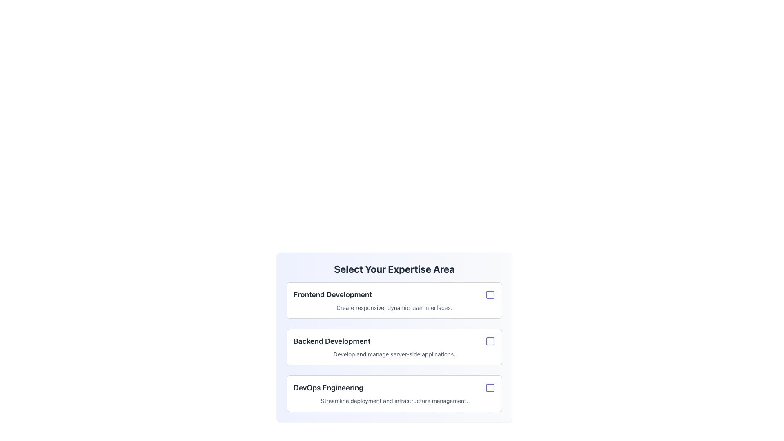 This screenshot has height=441, width=784. What do you see at coordinates (394, 401) in the screenshot?
I see `the text element that provides additional details about the 'DevOps Engineering' header, located below it in the same card` at bounding box center [394, 401].